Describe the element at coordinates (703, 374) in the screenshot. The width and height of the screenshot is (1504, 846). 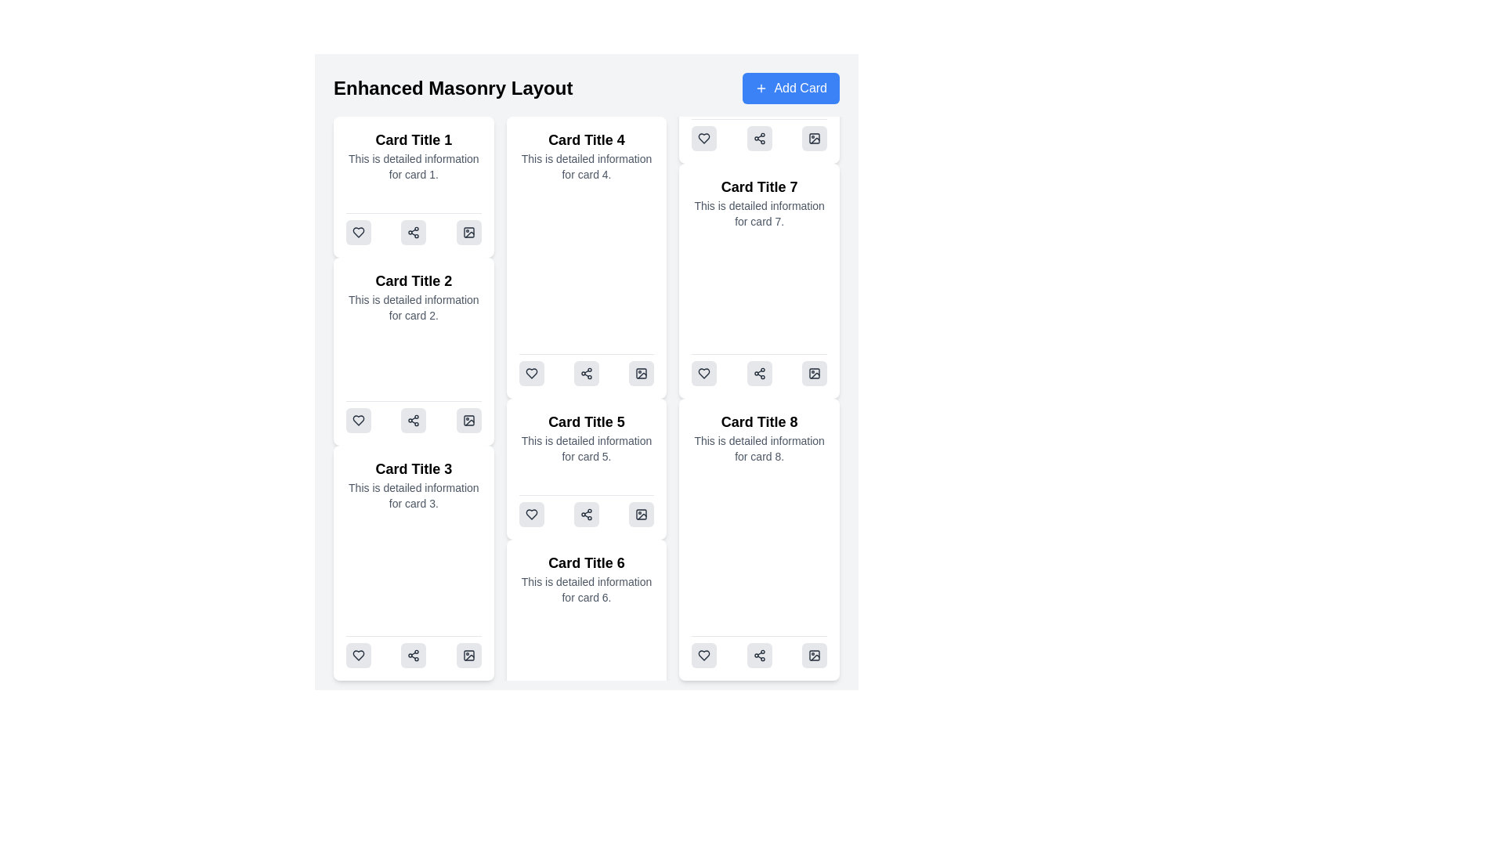
I see `the heart icon button located at the bottom left corner of 'Card Title 8' in the 'Enhanced Masonry Layout'` at that location.